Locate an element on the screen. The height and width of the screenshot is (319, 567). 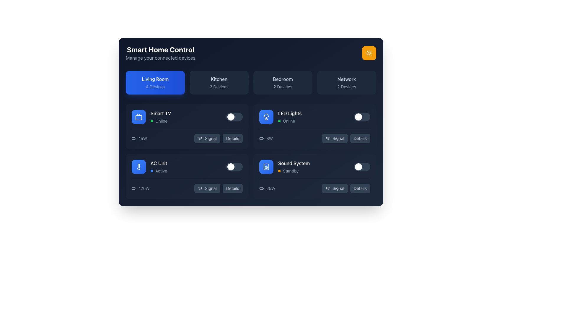
the static text label 'AC Unit' which identifies the air conditioning unit in the smart home interface is located at coordinates (159, 163).